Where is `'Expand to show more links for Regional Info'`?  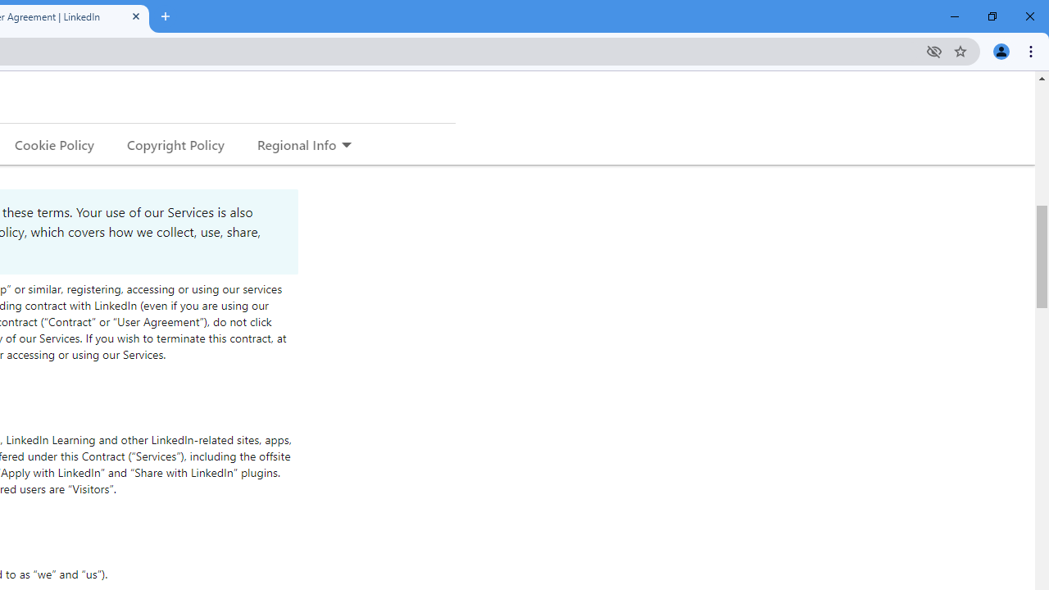
'Expand to show more links for Regional Info' is located at coordinates (345, 145).